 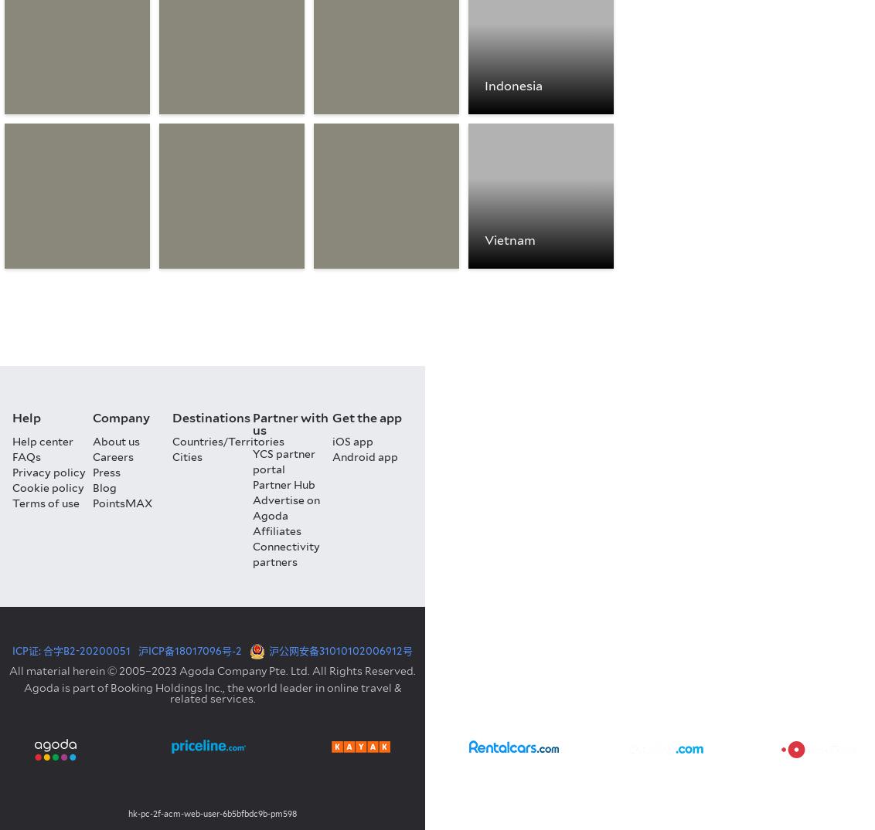 What do you see at coordinates (283, 484) in the screenshot?
I see `'Partner Hub'` at bounding box center [283, 484].